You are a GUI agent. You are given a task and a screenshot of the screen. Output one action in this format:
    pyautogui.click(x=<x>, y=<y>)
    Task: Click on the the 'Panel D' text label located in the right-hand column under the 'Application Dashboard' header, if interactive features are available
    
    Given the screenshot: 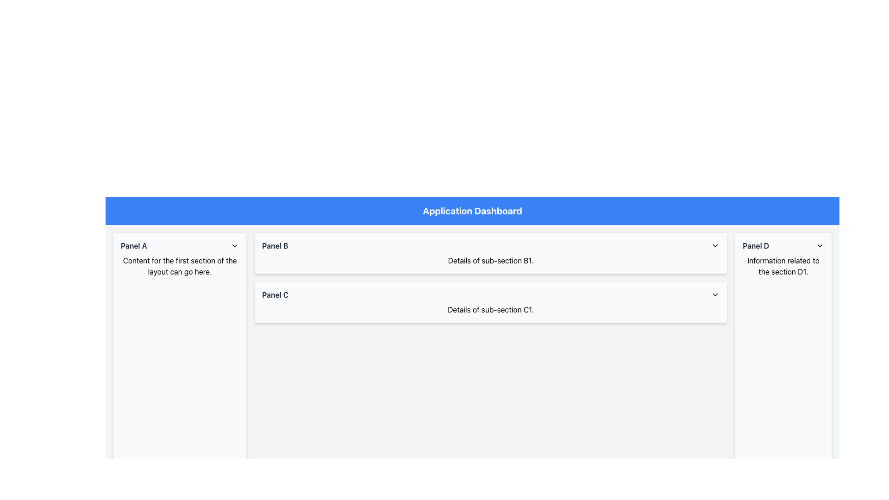 What is the action you would take?
    pyautogui.click(x=756, y=245)
    